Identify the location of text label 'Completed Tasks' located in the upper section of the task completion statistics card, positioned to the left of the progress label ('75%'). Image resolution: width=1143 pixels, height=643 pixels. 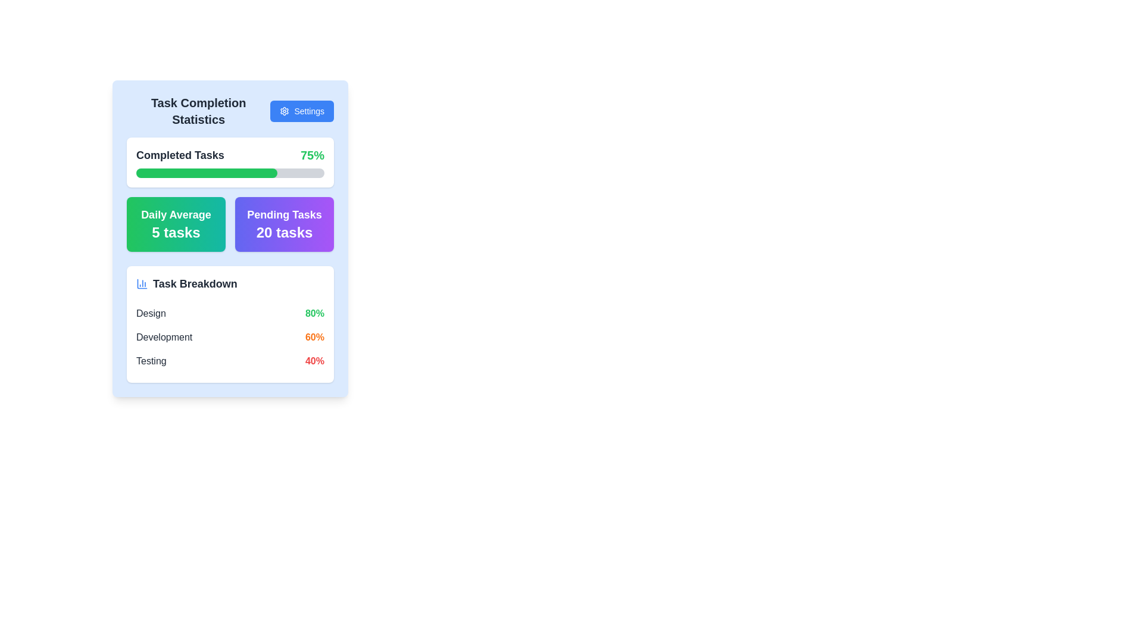
(179, 155).